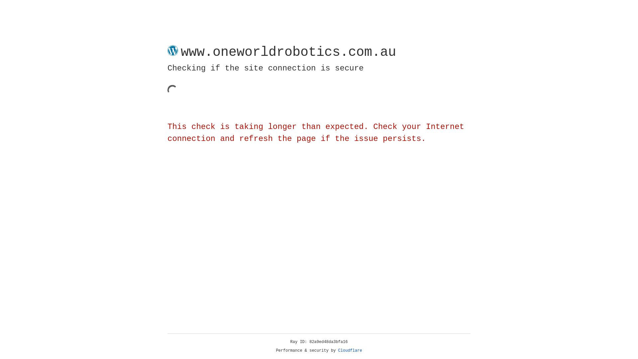 The width and height of the screenshot is (638, 359). I want to click on 'Cloudflare', so click(350, 350).